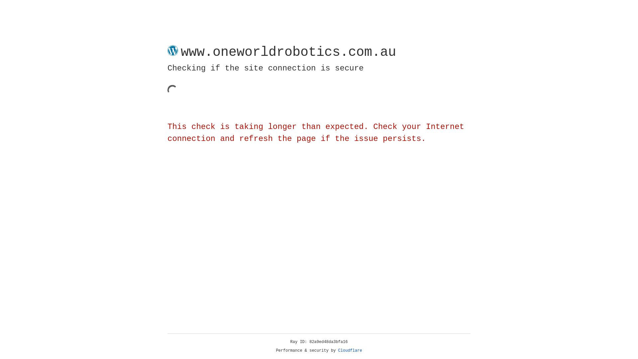 The width and height of the screenshot is (638, 359). I want to click on 'Cloudflare', so click(350, 350).